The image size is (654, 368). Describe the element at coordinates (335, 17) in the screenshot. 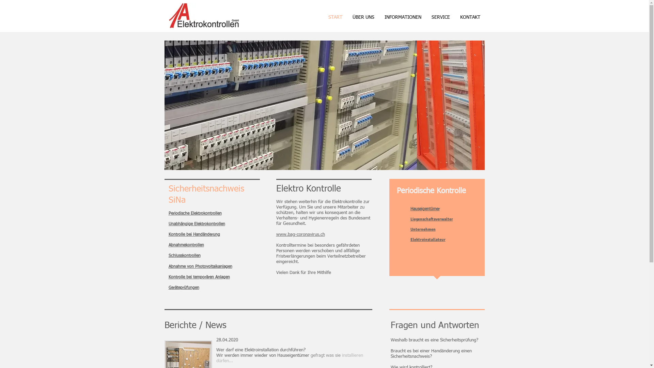

I see `'START'` at that location.